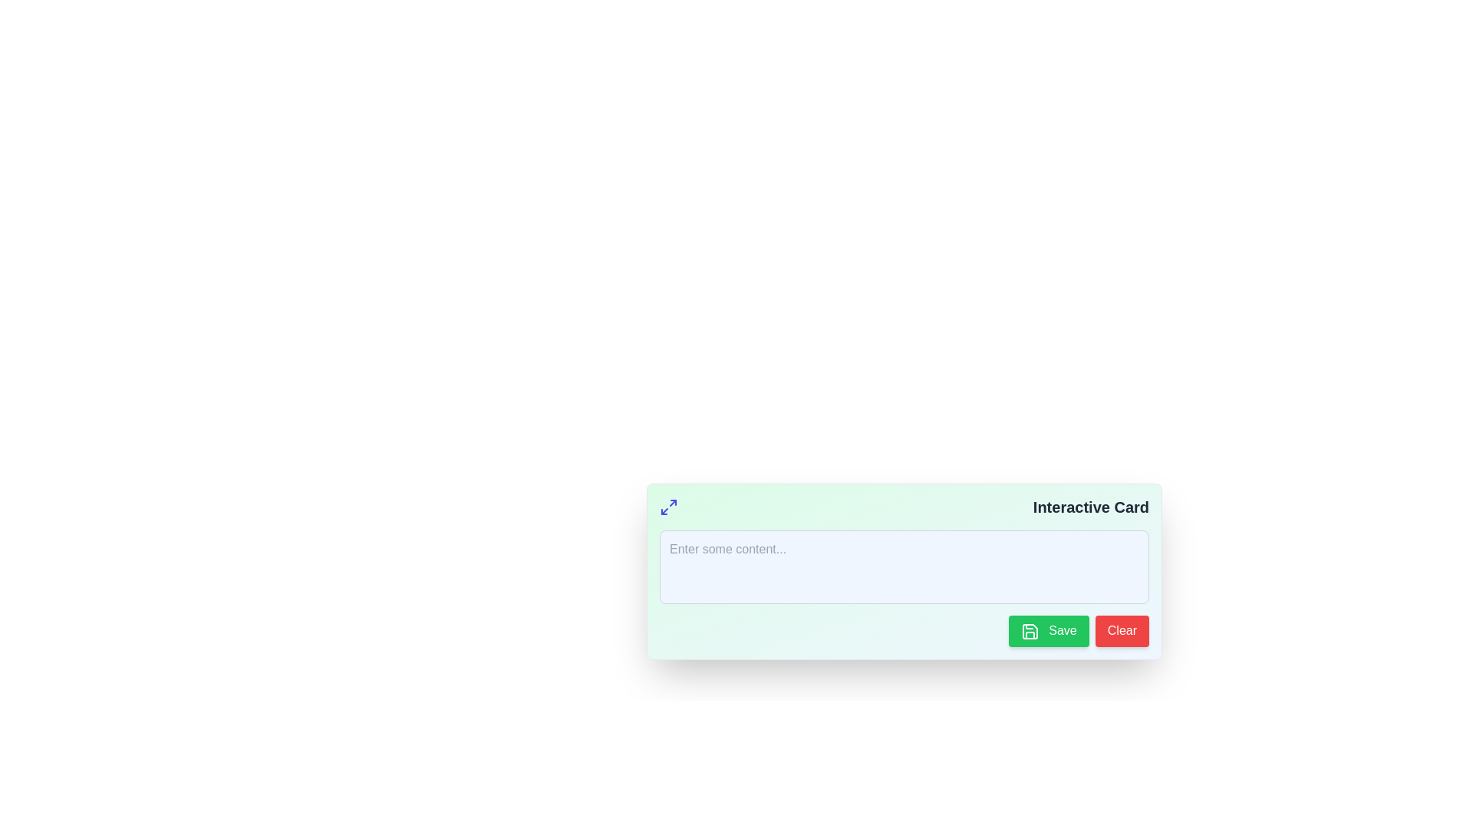 The width and height of the screenshot is (1473, 829). Describe the element at coordinates (1048, 630) in the screenshot. I see `the green 'Save' button with white text and a floppy disk icon, located in the bottom-right section of the interactive card layout` at that location.